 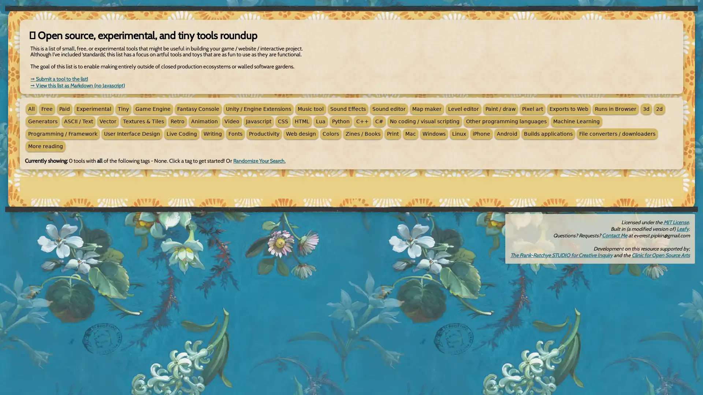 What do you see at coordinates (341, 121) in the screenshot?
I see `Python` at bounding box center [341, 121].